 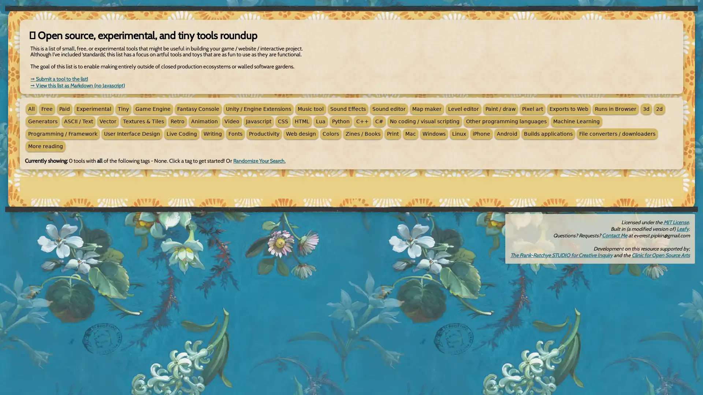 What do you see at coordinates (341, 121) in the screenshot?
I see `Python` at bounding box center [341, 121].